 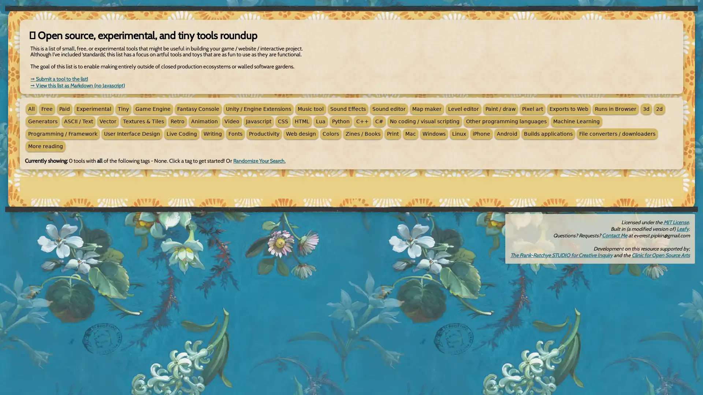 What do you see at coordinates (341, 121) in the screenshot?
I see `Python` at bounding box center [341, 121].